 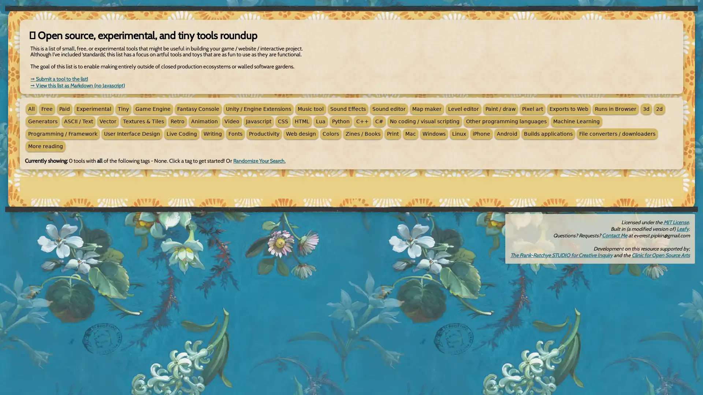 What do you see at coordinates (341, 121) in the screenshot?
I see `Python` at bounding box center [341, 121].